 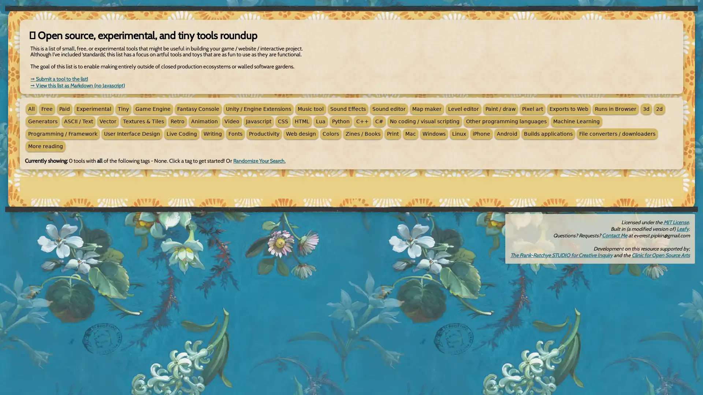 What do you see at coordinates (341, 121) in the screenshot?
I see `Python` at bounding box center [341, 121].